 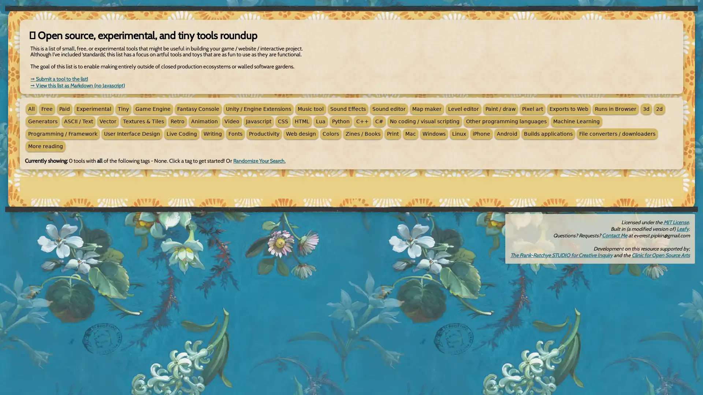 What do you see at coordinates (341, 121) in the screenshot?
I see `Python` at bounding box center [341, 121].